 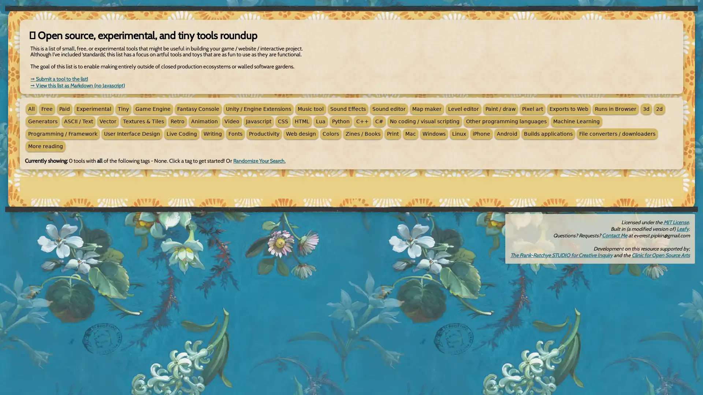 What do you see at coordinates (341, 121) in the screenshot?
I see `Python` at bounding box center [341, 121].